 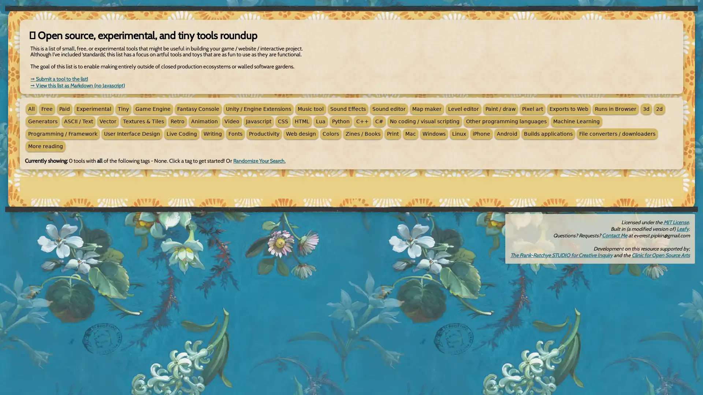 What do you see at coordinates (341, 121) in the screenshot?
I see `Python` at bounding box center [341, 121].